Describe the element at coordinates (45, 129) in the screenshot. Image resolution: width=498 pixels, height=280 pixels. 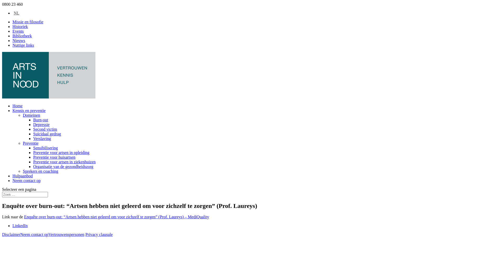
I see `'Second victim'` at that location.